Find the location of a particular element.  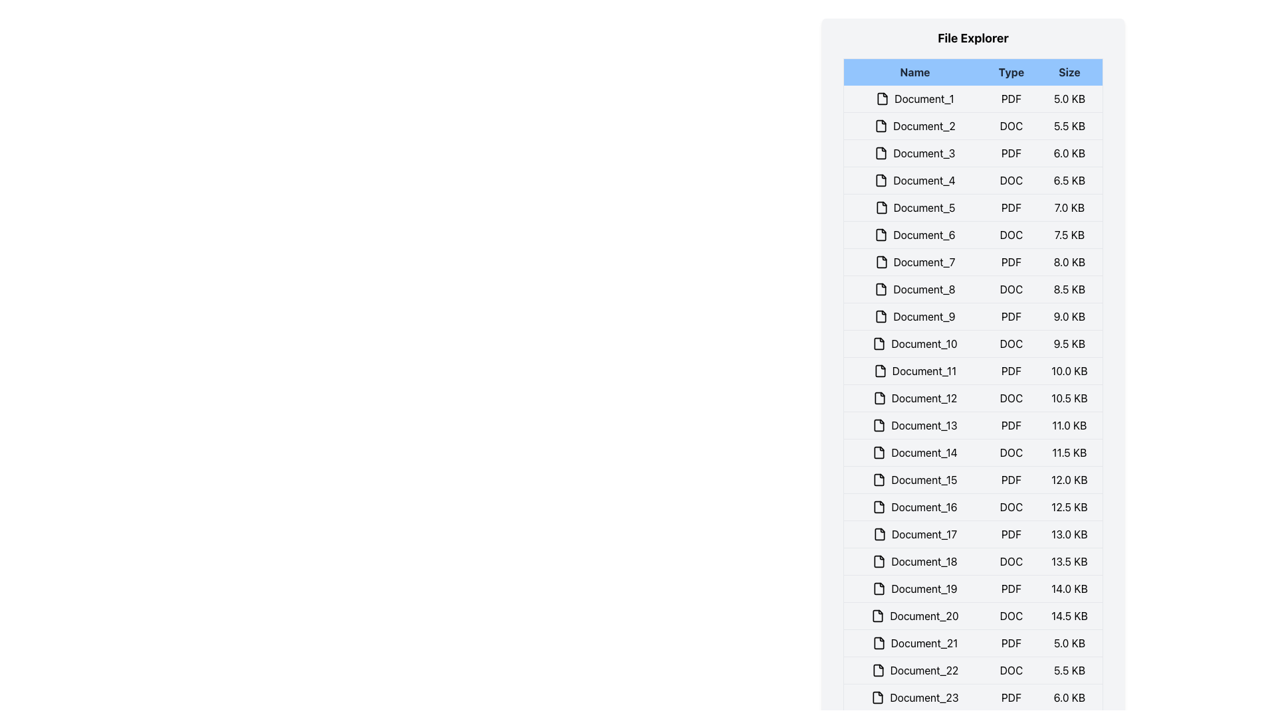

the 'DOC' label, which is displayed in bold black font and located in the second column titled 'Type' for the row corresponding to 'Document_20' in the table view is located at coordinates (1010, 616).